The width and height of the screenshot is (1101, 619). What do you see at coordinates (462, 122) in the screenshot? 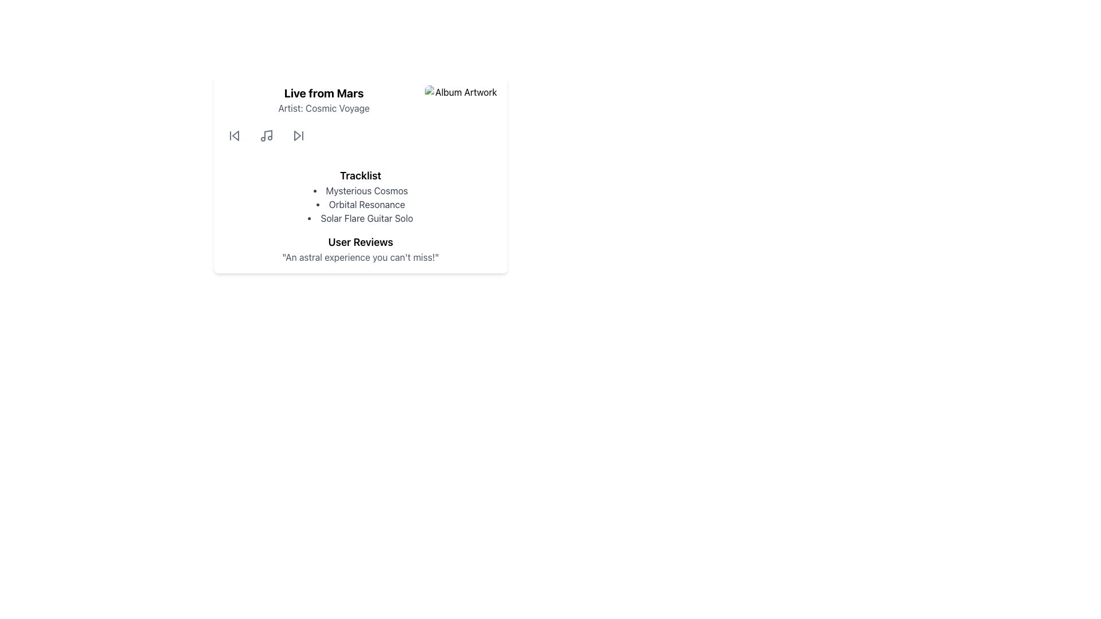
I see `the 'Album Artwork' image placeholder, which is a square image with rounded corners` at bounding box center [462, 122].